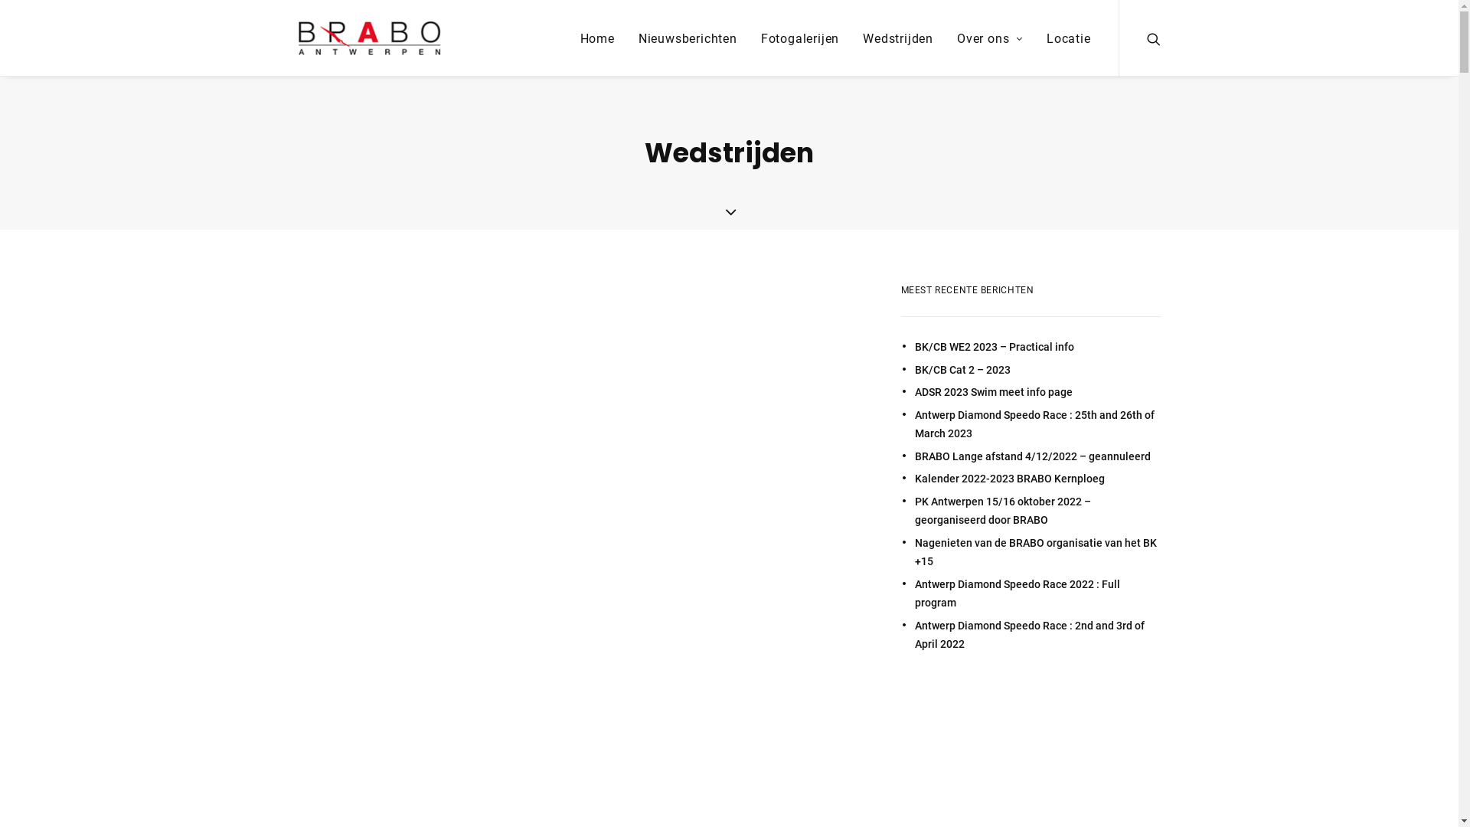  I want to click on 'Locatie', so click(1062, 37).